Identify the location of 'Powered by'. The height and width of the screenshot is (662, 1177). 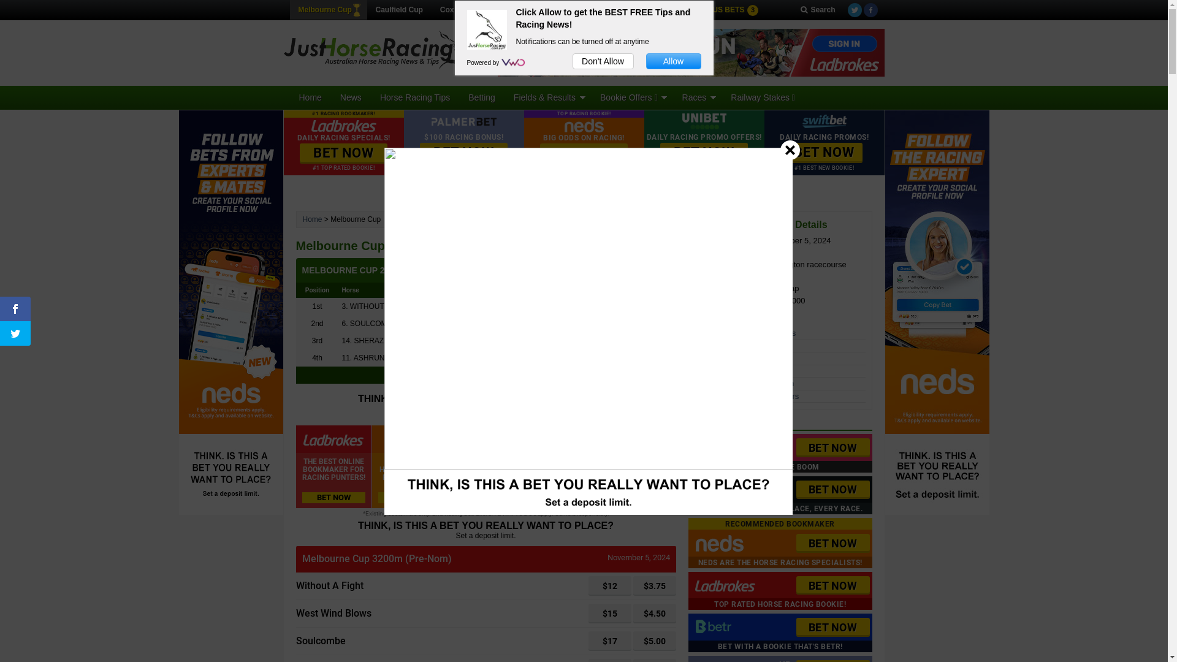
(484, 63).